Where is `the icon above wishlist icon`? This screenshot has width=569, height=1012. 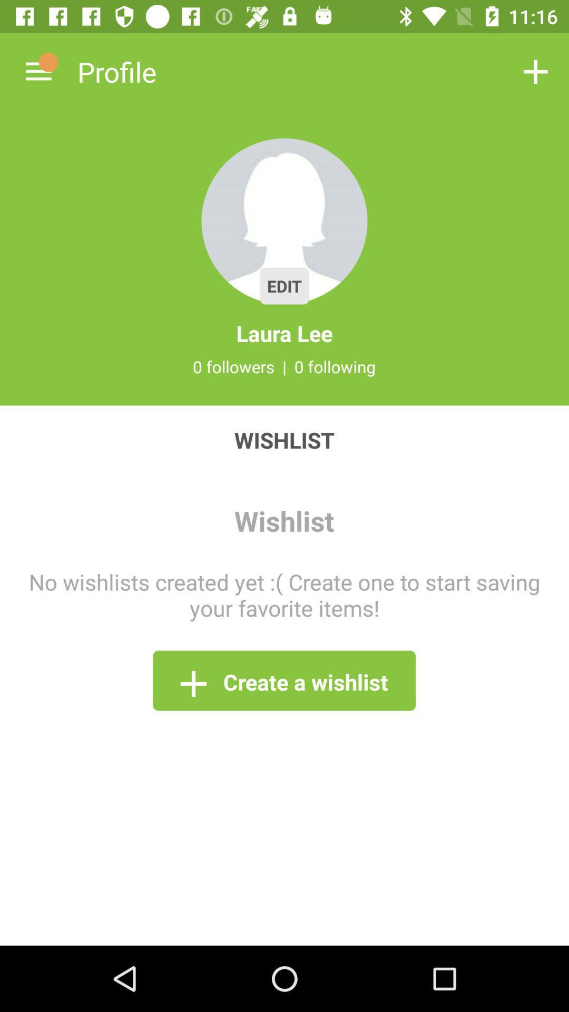 the icon above wishlist icon is located at coordinates (284, 366).